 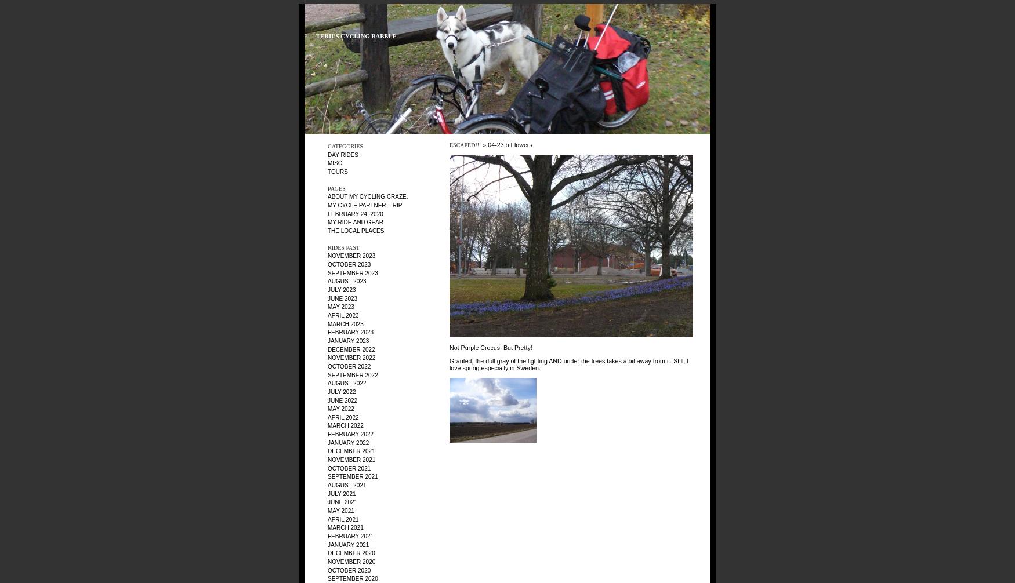 I want to click on 'November 2020', so click(x=351, y=560).